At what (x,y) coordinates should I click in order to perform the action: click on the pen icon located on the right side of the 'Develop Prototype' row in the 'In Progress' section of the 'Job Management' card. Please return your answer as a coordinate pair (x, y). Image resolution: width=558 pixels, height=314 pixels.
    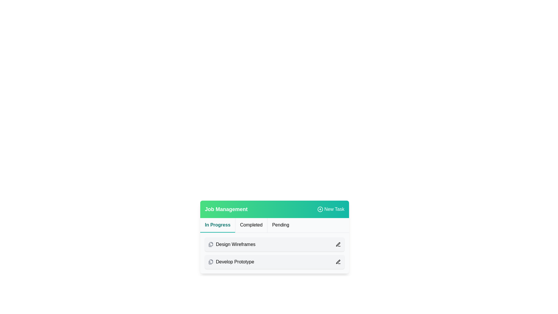
    Looking at the image, I should click on (338, 244).